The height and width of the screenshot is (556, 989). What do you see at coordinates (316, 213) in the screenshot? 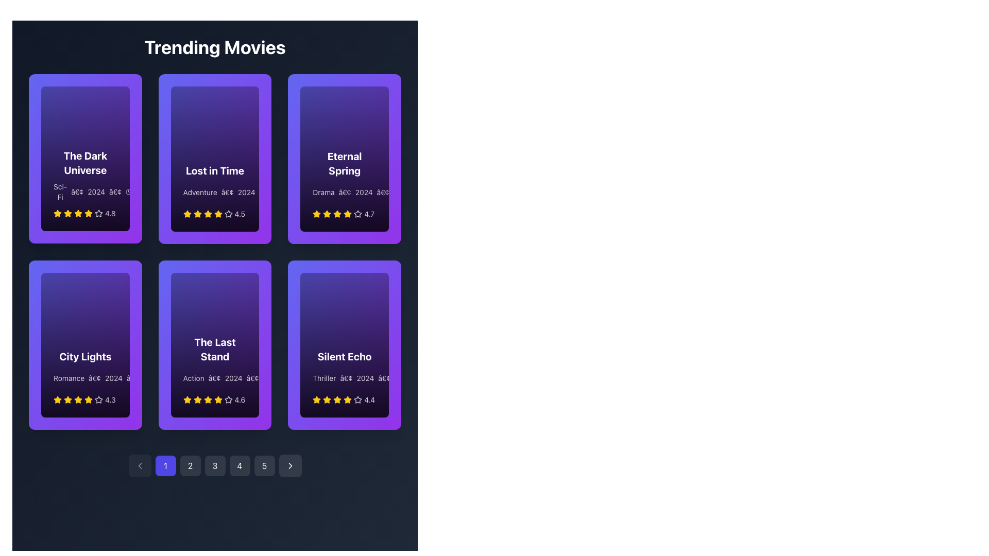
I see `the star icon representing the rating for the movie 'Eternal Spring', located in the first position of the rating stars under the movie card` at bounding box center [316, 213].